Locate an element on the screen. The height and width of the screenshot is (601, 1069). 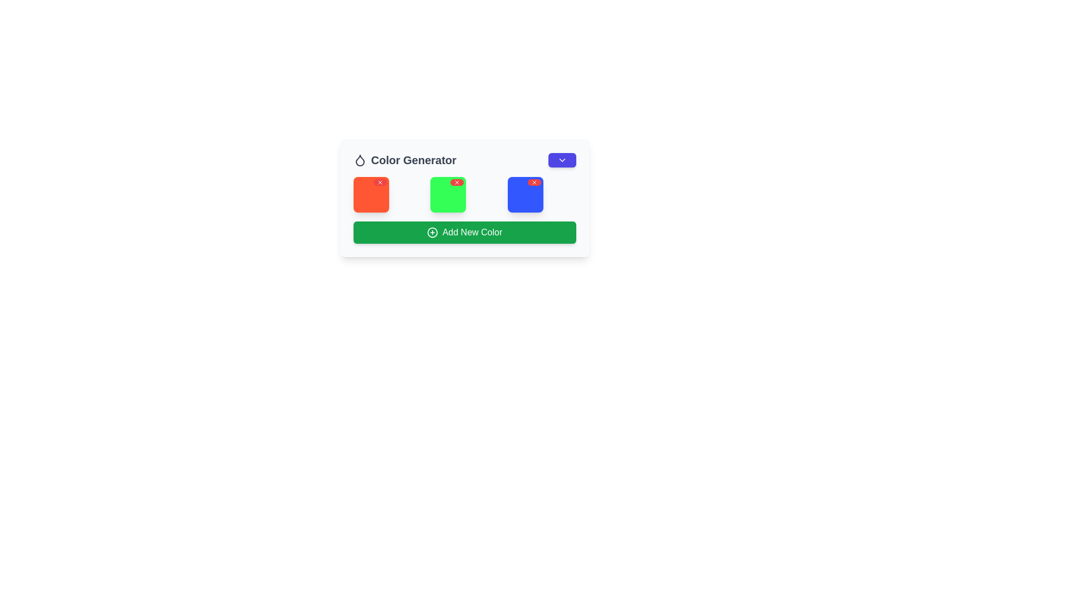
the close icon button located at the top-right position of the green square block is located at coordinates (457, 181).